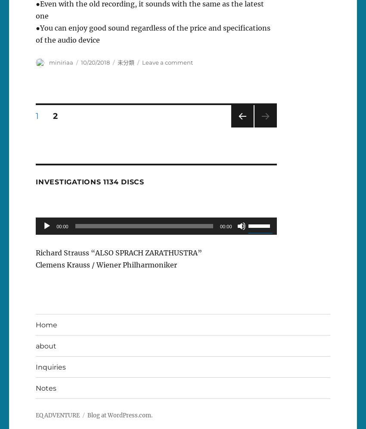  What do you see at coordinates (119, 415) in the screenshot?
I see `'Blog at WordPress.com.'` at bounding box center [119, 415].